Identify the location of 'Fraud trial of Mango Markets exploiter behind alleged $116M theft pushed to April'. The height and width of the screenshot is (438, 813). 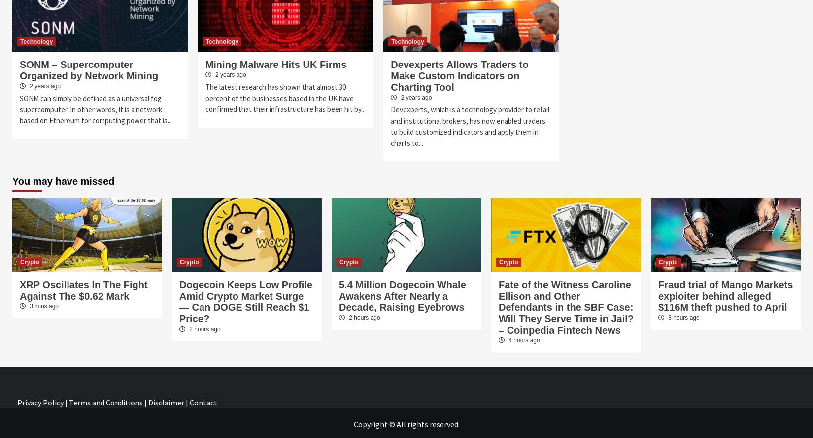
(725, 295).